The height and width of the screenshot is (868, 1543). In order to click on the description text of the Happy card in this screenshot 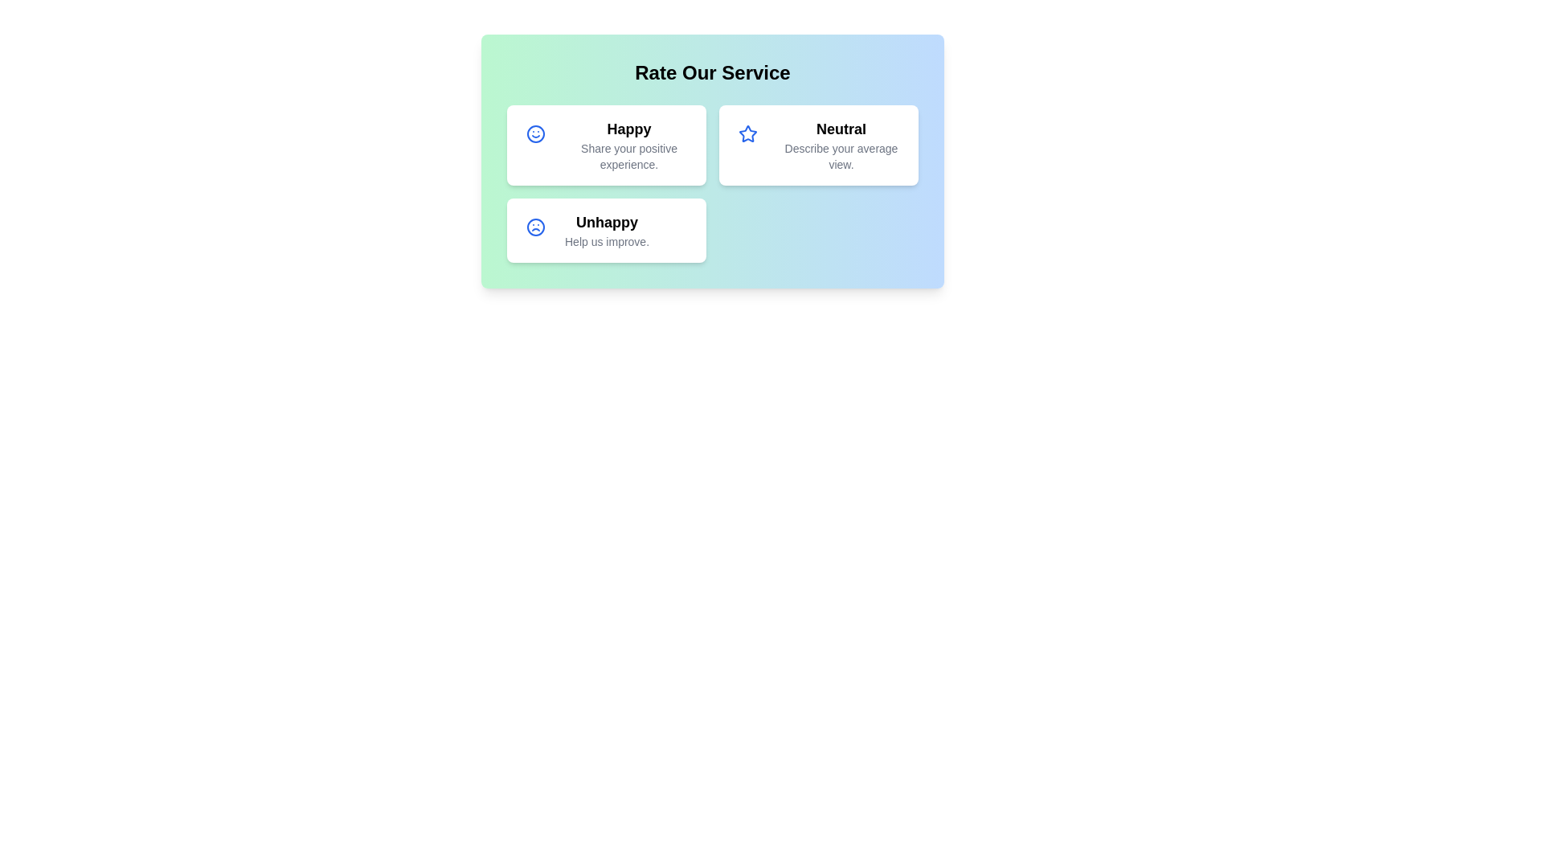, I will do `click(628, 157)`.